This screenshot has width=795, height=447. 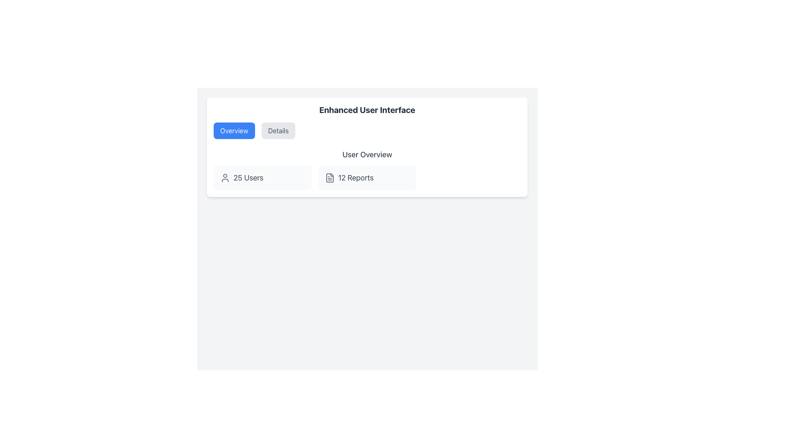 What do you see at coordinates (367, 169) in the screenshot?
I see `the Information Panel located in the 'Enhanced User Interface' card, specifically positioned in the third row of content below the overview and details tabs` at bounding box center [367, 169].